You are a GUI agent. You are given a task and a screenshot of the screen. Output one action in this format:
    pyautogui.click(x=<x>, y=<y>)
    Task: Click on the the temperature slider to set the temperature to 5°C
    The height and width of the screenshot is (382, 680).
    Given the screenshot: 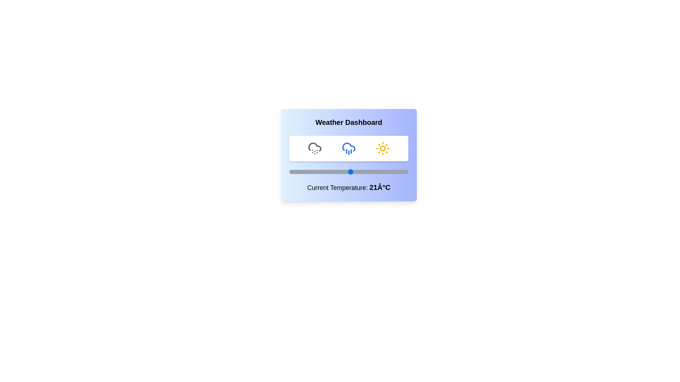 What is the action you would take?
    pyautogui.click(x=319, y=172)
    